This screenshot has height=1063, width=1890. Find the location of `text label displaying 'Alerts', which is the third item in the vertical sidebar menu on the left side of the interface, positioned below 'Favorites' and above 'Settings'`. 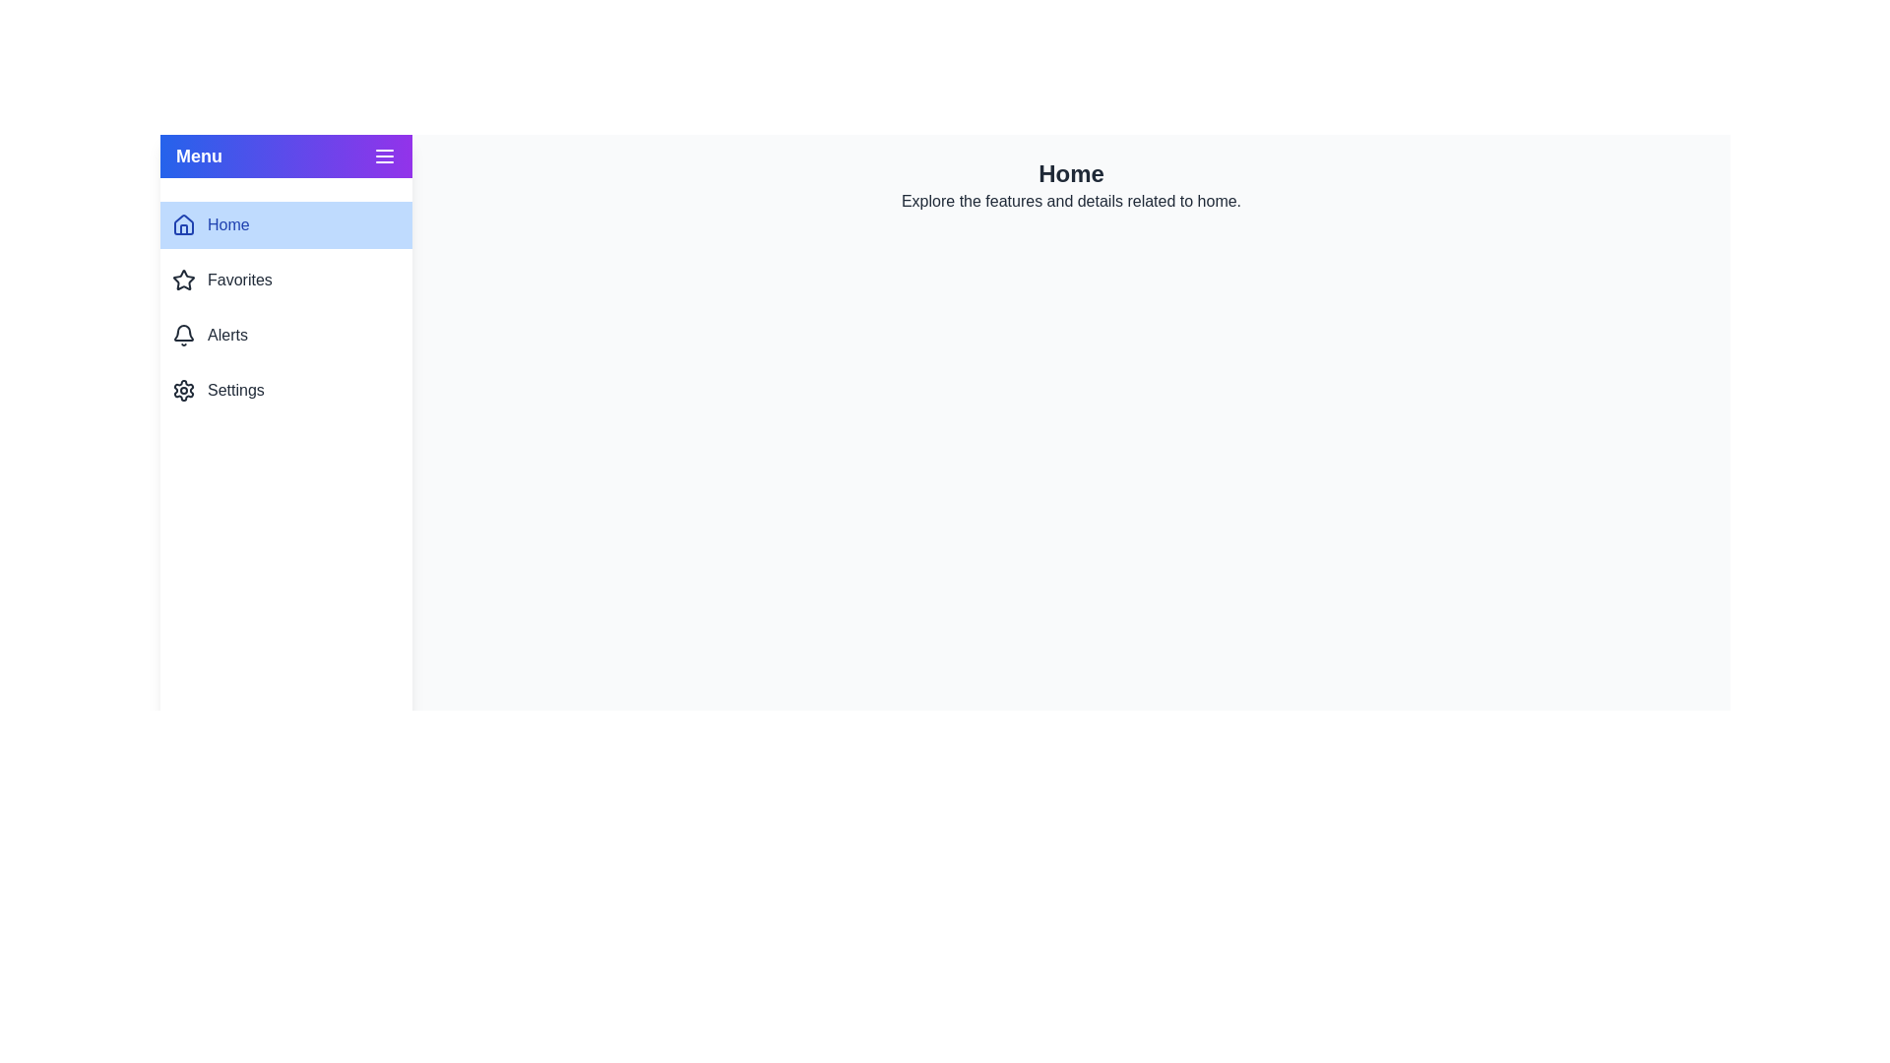

text label displaying 'Alerts', which is the third item in the vertical sidebar menu on the left side of the interface, positioned below 'Favorites' and above 'Settings' is located at coordinates (227, 334).